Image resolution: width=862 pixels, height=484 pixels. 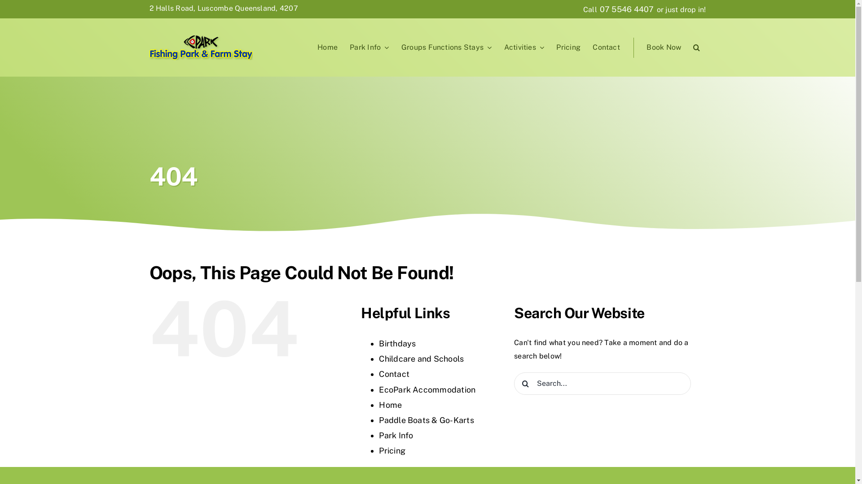 What do you see at coordinates (664, 48) in the screenshot?
I see `'Book Now'` at bounding box center [664, 48].